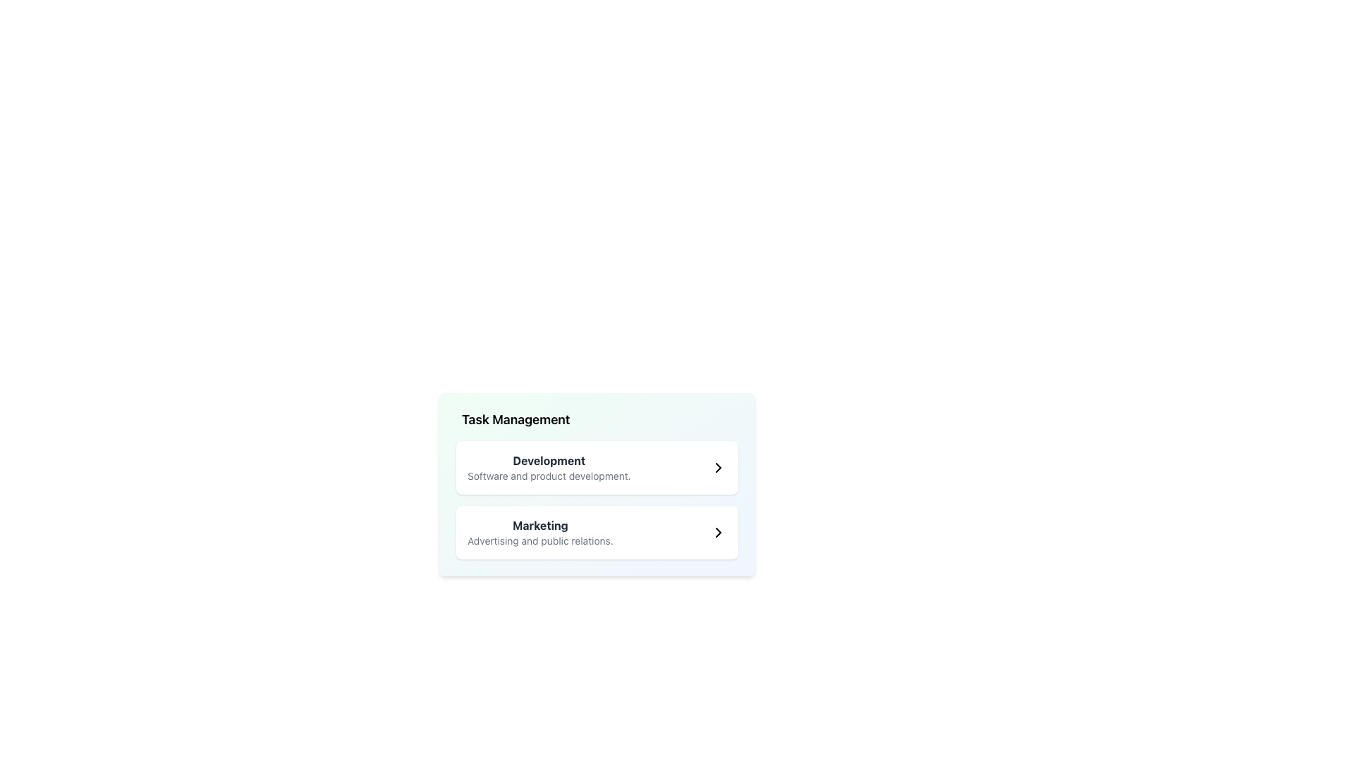  I want to click on the 'Marketing' card, which is the second card in the vertical list under 'Task Management', so click(597, 533).